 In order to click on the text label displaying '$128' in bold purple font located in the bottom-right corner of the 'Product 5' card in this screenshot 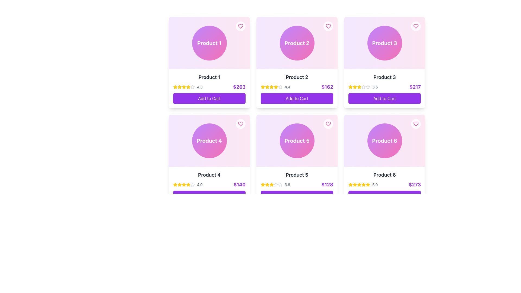, I will do `click(327, 184)`.